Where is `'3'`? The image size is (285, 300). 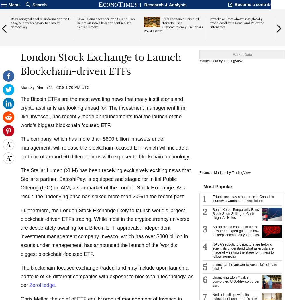
'3' is located at coordinates (205, 229).